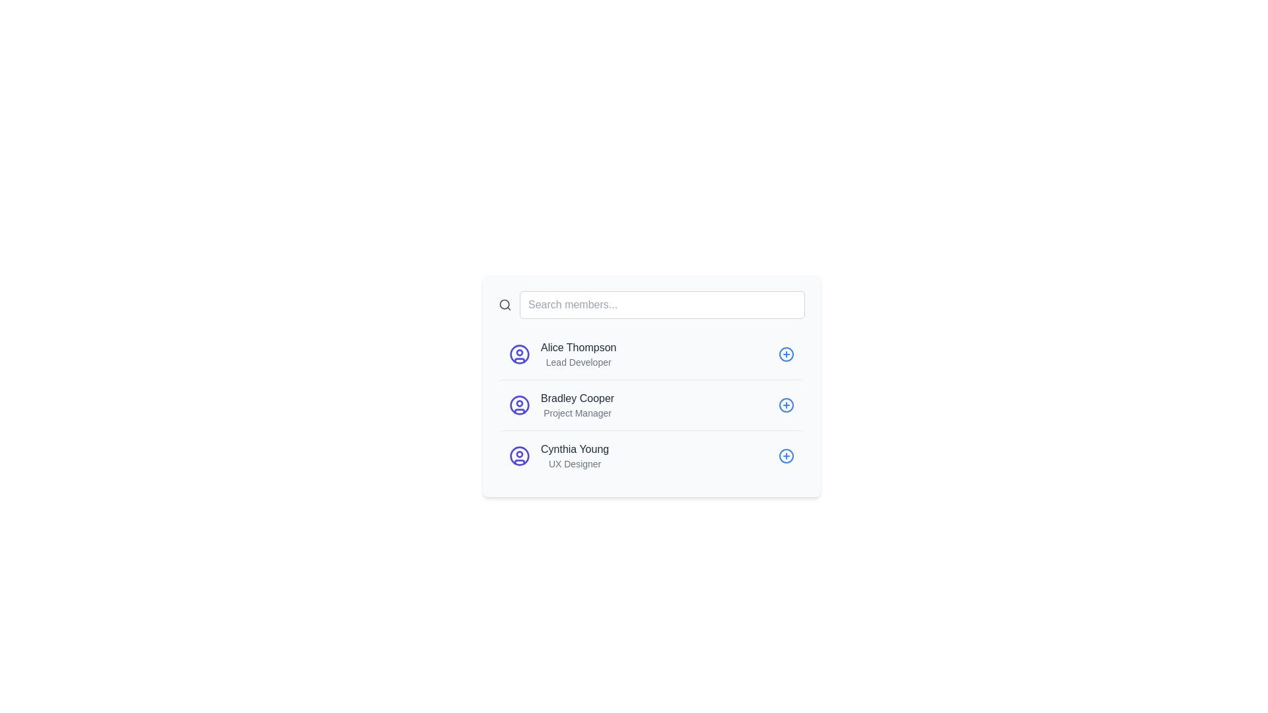 This screenshot has width=1268, height=713. I want to click on the circle element that represents the main part of the plus icon for 'Bradley Cooper - Project Manager', which is the second icon in the vertical list, so click(786, 404).